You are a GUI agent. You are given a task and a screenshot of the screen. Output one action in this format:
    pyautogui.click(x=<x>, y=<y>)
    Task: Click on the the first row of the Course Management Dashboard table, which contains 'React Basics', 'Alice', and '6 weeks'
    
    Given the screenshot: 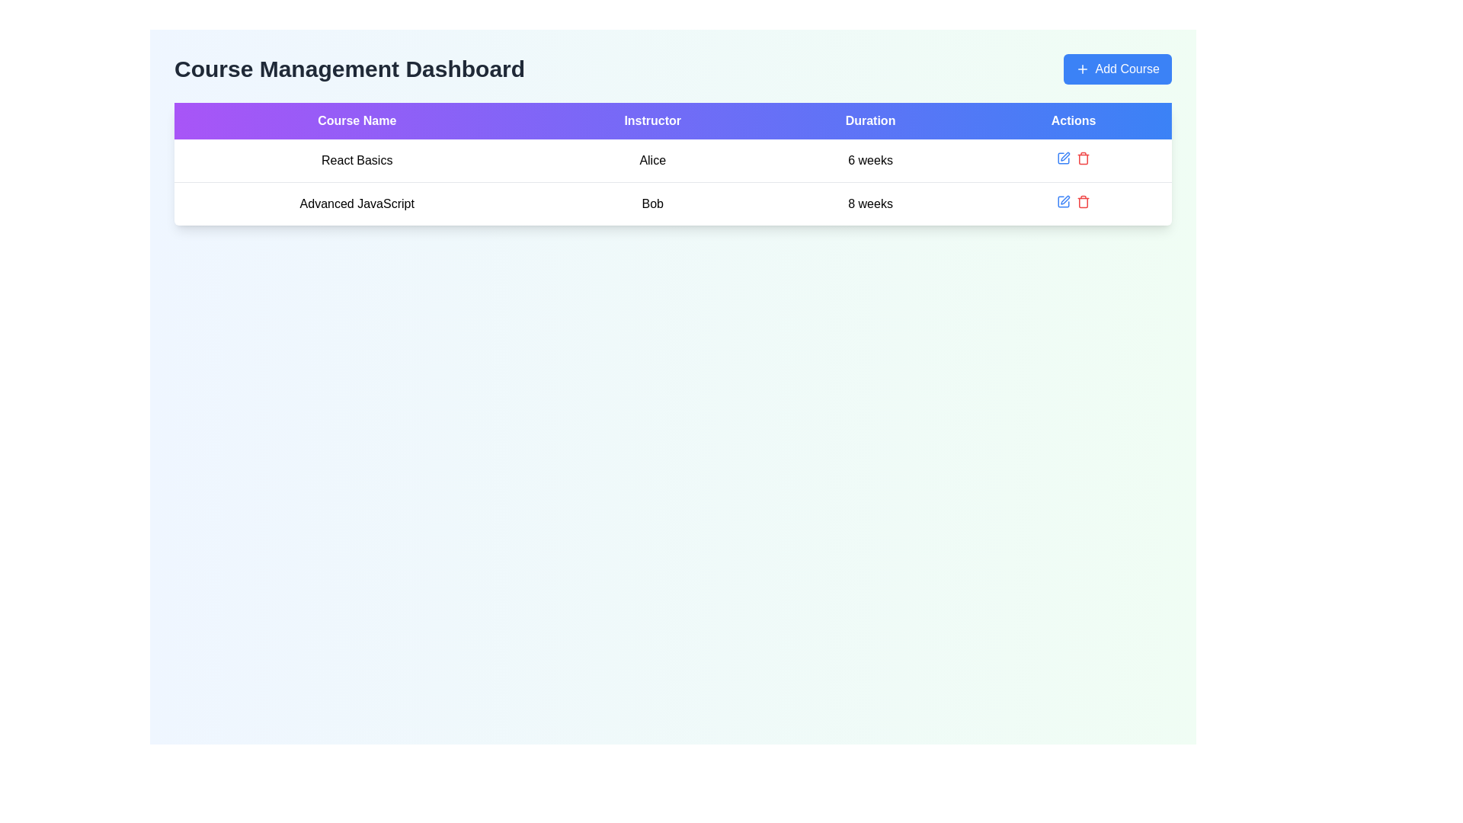 What is the action you would take?
    pyautogui.click(x=672, y=161)
    